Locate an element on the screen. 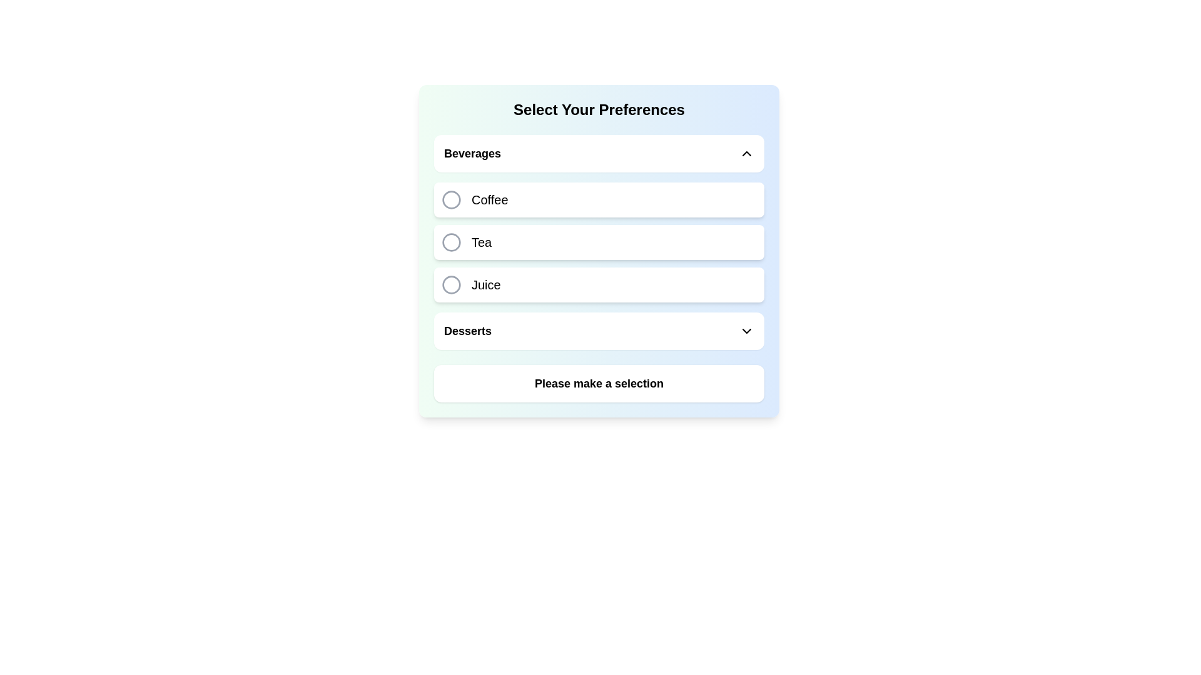 The height and width of the screenshot is (675, 1201). the Text label located near the top of the dropdown menu, which indicates the current selection and is positioned to the left of the chevron icon is located at coordinates (472, 153).